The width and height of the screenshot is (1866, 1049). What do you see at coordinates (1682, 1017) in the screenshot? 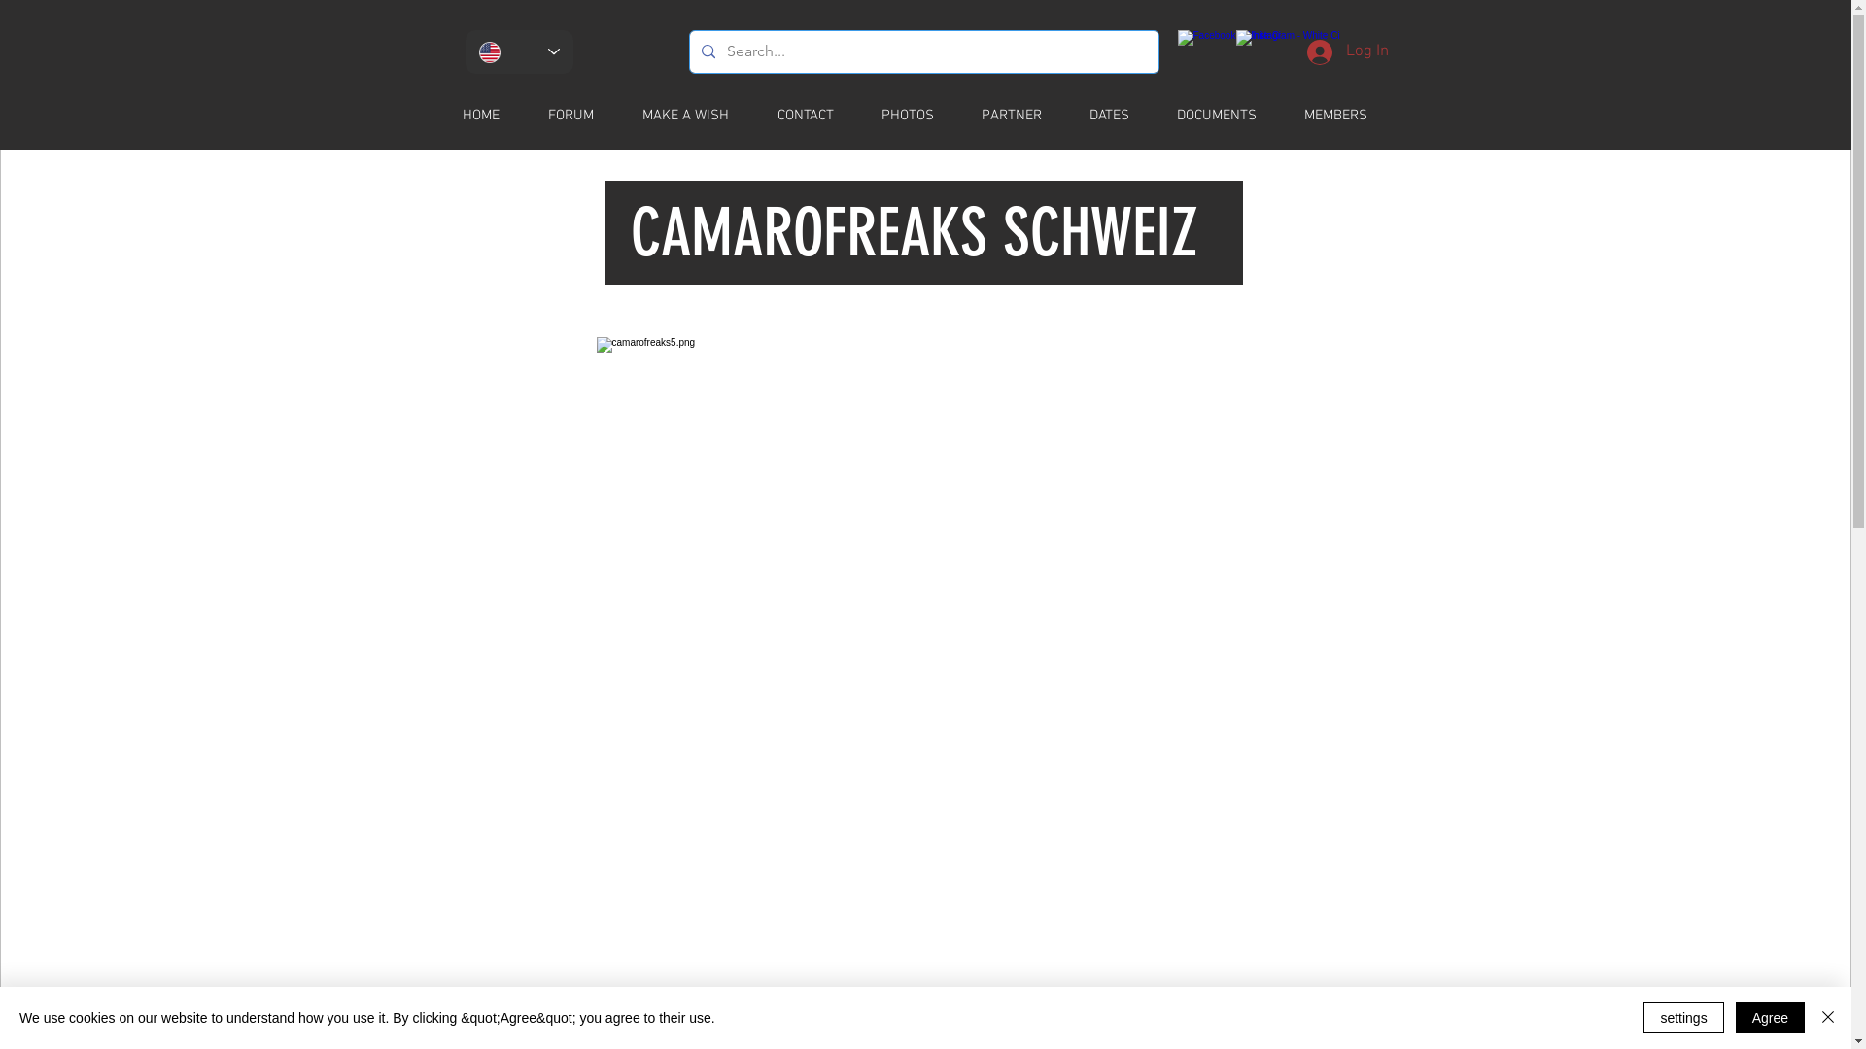
I see `'settings'` at bounding box center [1682, 1017].